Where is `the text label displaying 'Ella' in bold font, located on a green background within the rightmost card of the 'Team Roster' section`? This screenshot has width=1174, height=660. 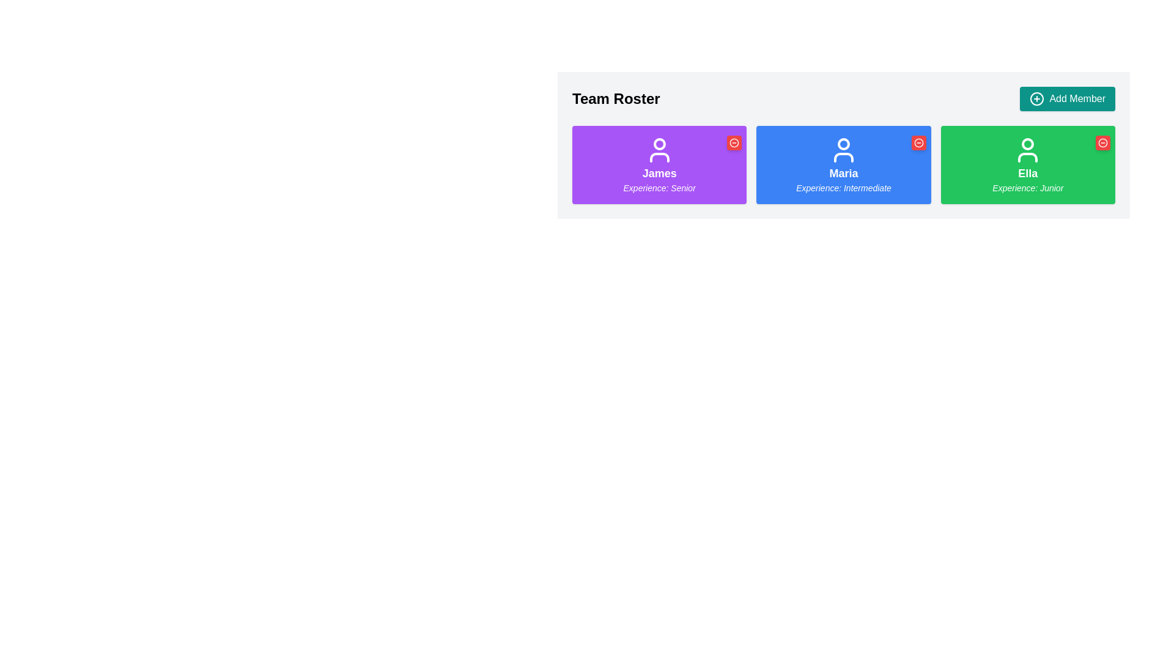 the text label displaying 'Ella' in bold font, located on a green background within the rightmost card of the 'Team Roster' section is located at coordinates (1027, 174).